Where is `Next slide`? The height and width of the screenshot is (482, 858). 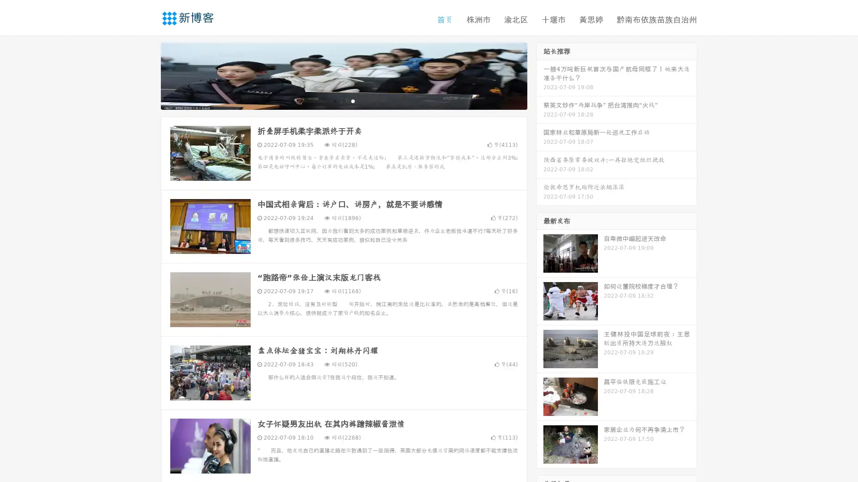 Next slide is located at coordinates (540, 75).